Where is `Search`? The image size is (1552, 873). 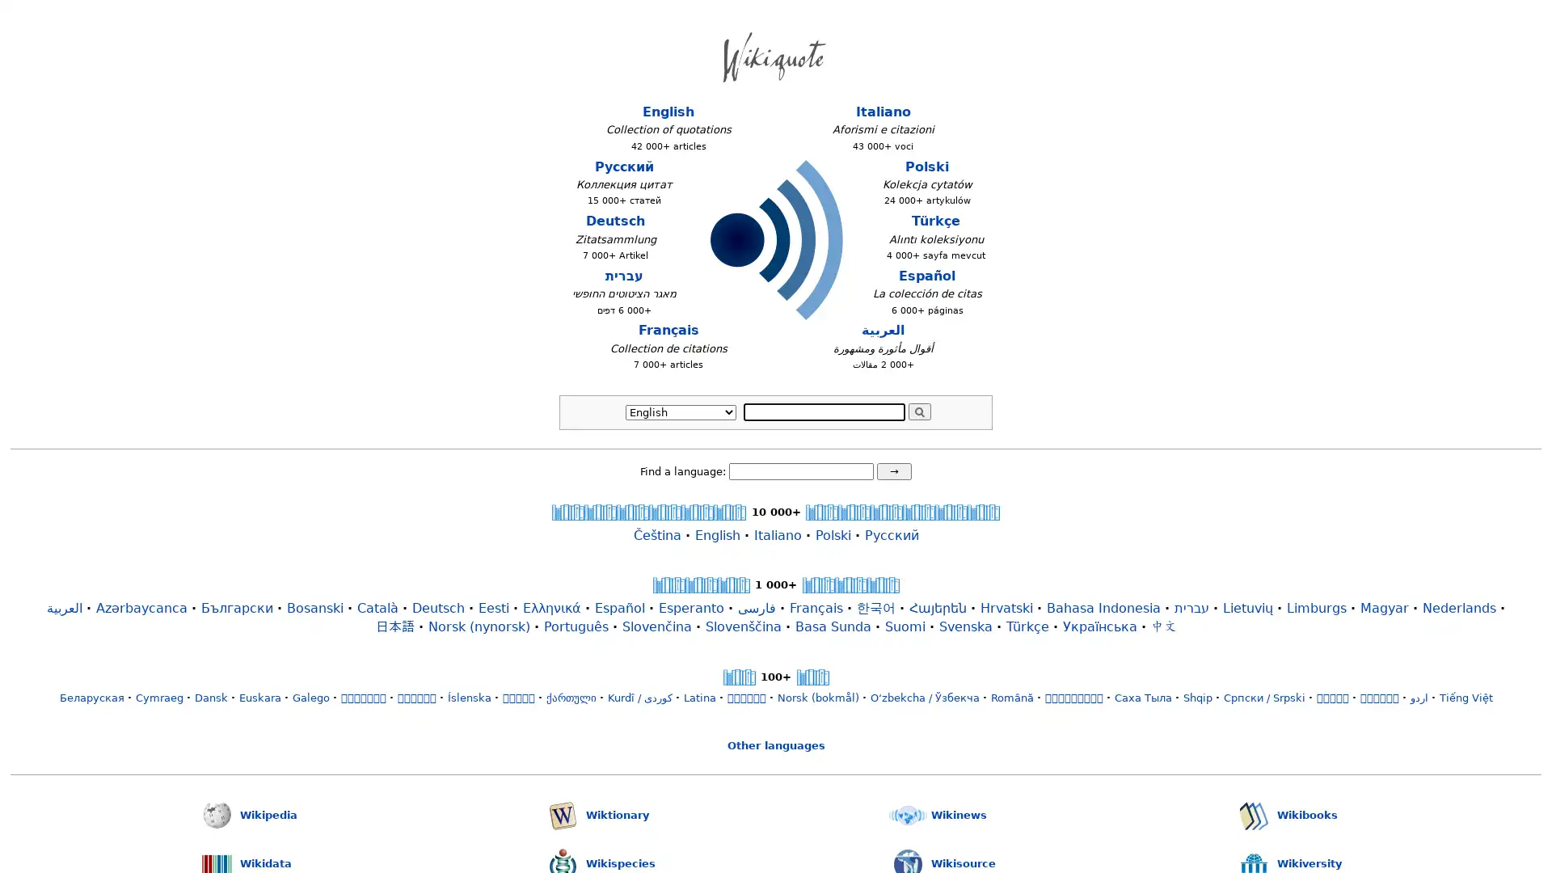 Search is located at coordinates (919, 411).